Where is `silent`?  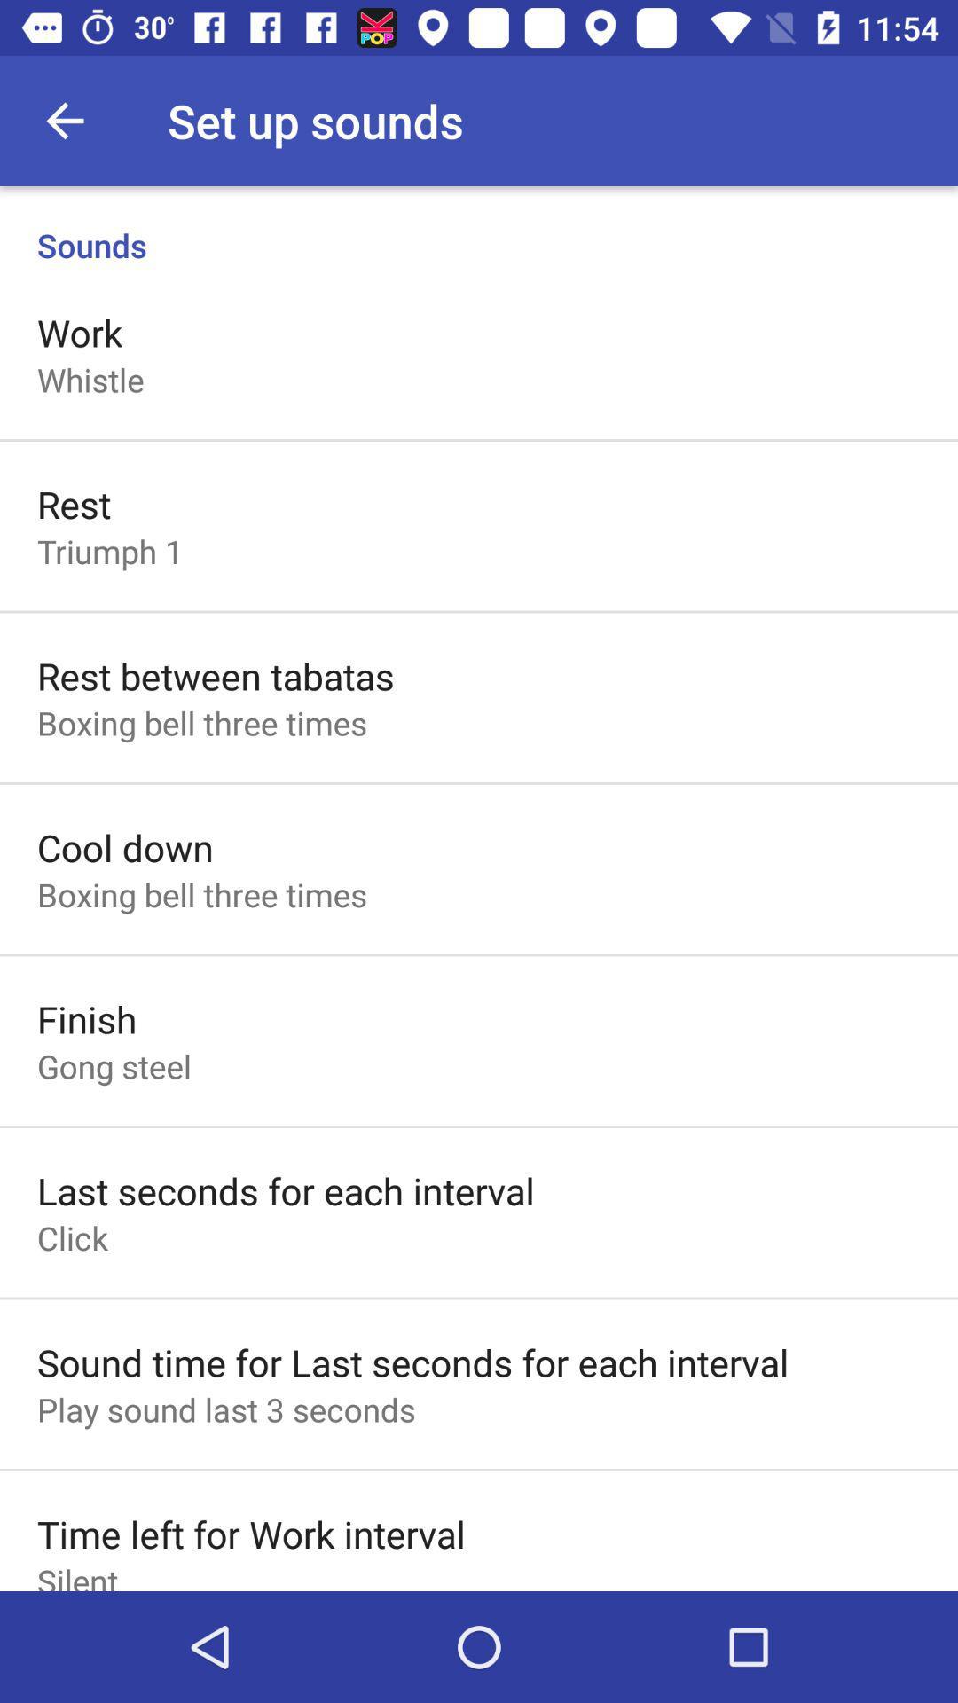
silent is located at coordinates (76, 1575).